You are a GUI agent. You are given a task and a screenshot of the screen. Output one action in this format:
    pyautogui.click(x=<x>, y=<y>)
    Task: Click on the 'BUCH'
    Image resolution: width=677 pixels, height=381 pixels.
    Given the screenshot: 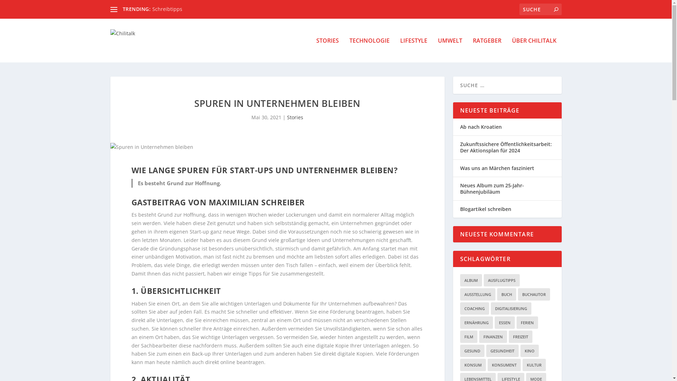 What is the action you would take?
    pyautogui.click(x=506, y=294)
    